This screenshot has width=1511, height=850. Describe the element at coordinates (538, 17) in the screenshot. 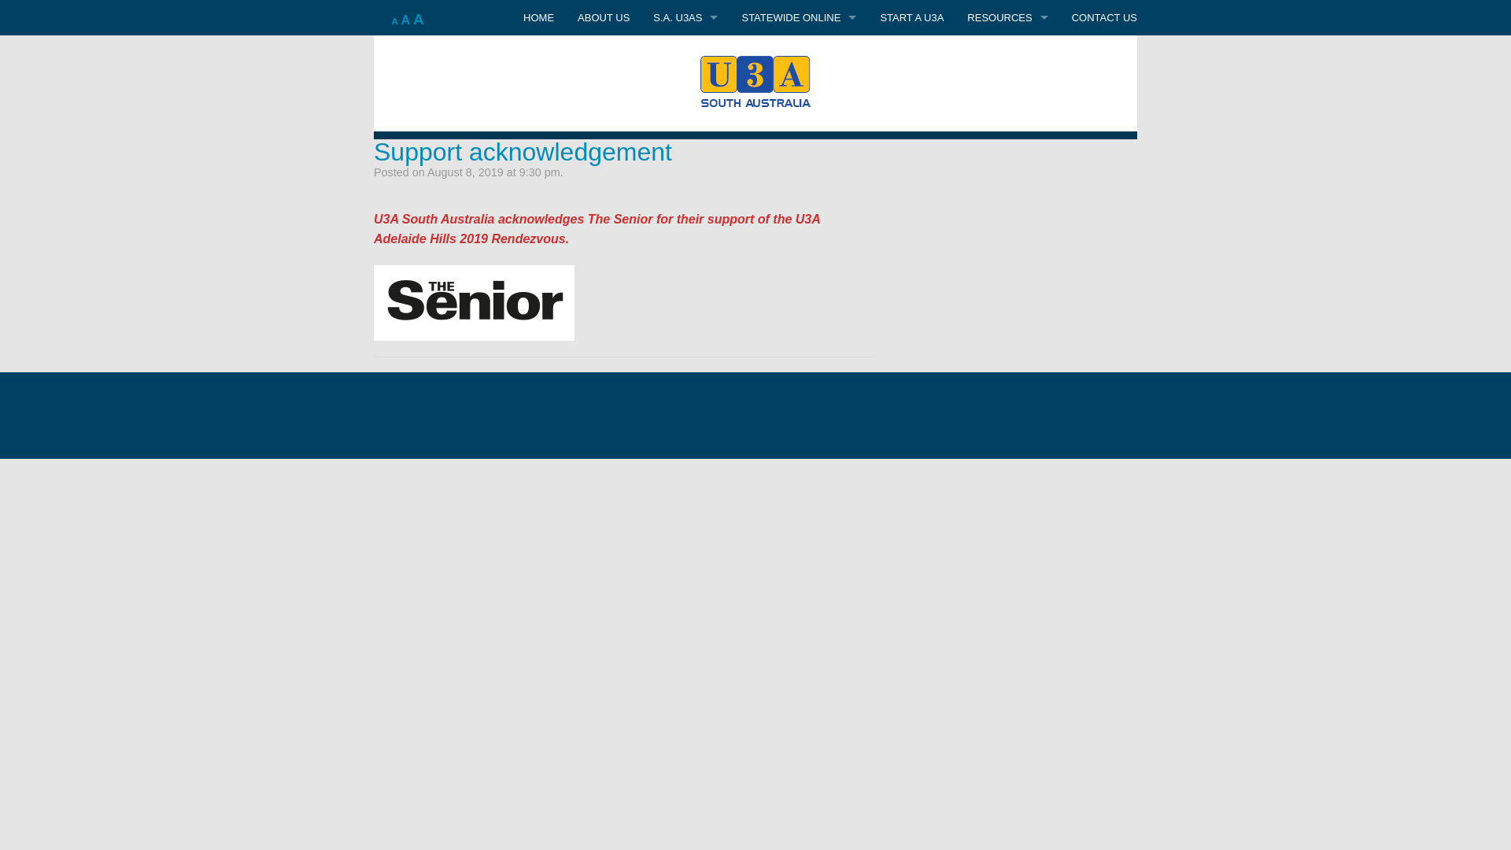

I see `'HOME'` at that location.